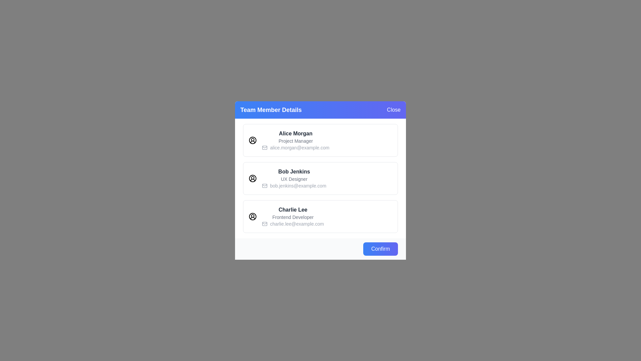 This screenshot has width=641, height=361. What do you see at coordinates (293, 217) in the screenshot?
I see `static text label displaying 'Frontend Developer' in gray font, located beneath 'Charlie Lee' within the 'Team Member Details' dialog box` at bounding box center [293, 217].